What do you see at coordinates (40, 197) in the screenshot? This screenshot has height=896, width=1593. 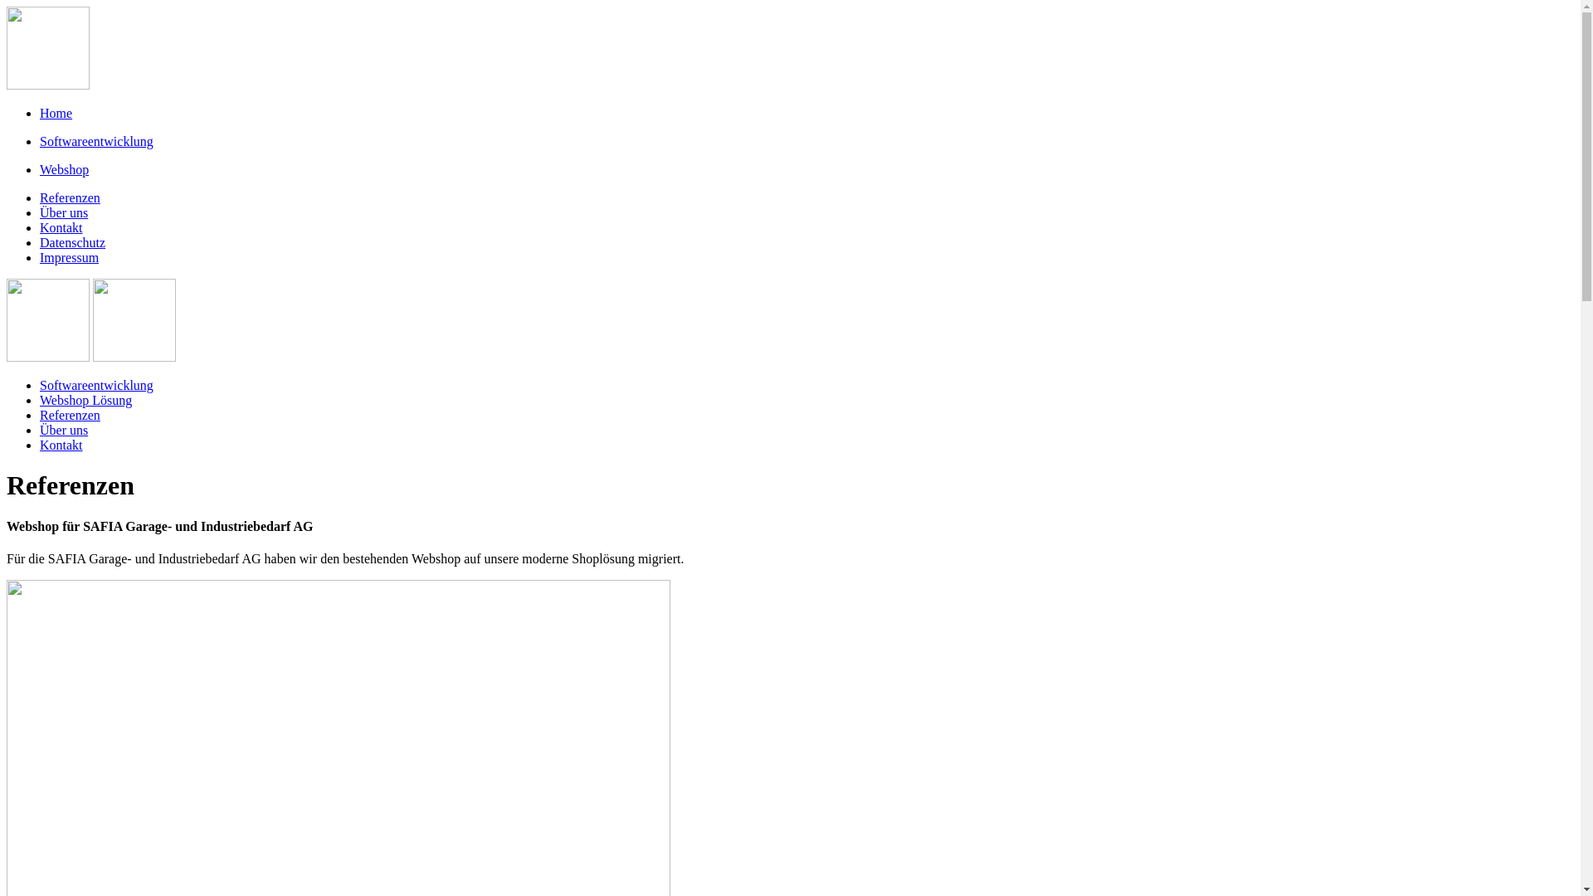 I see `'Referenzen'` at bounding box center [40, 197].